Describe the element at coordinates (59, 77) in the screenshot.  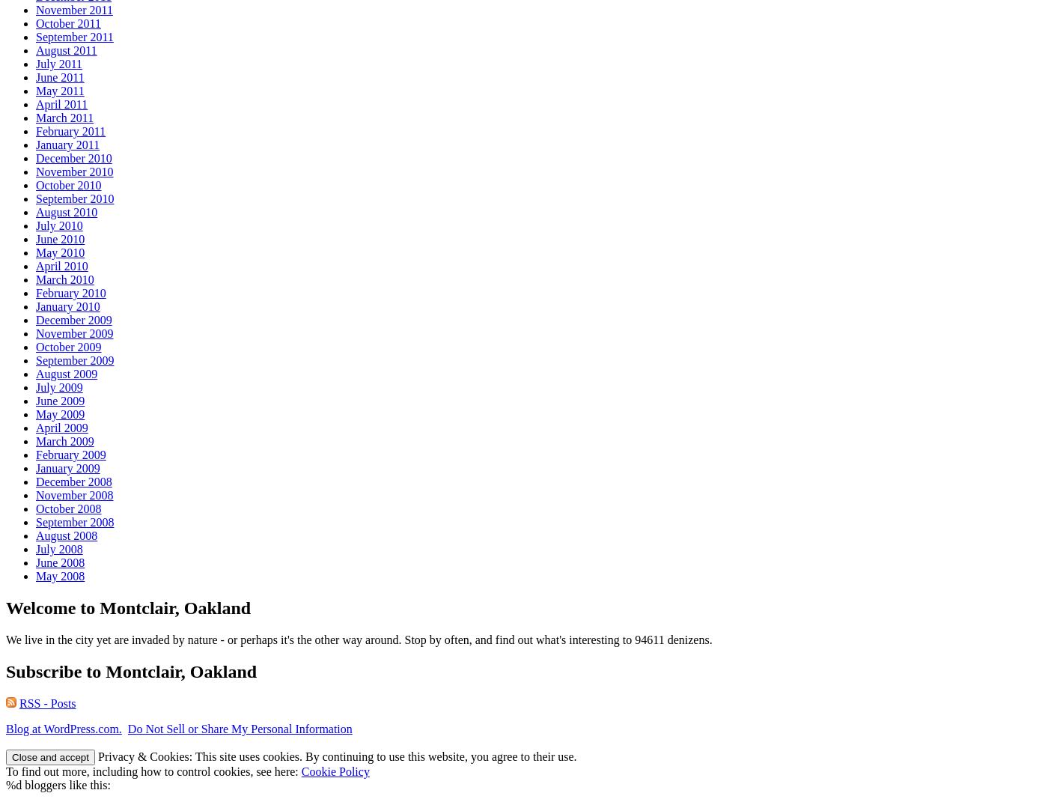
I see `'June 2011'` at that location.